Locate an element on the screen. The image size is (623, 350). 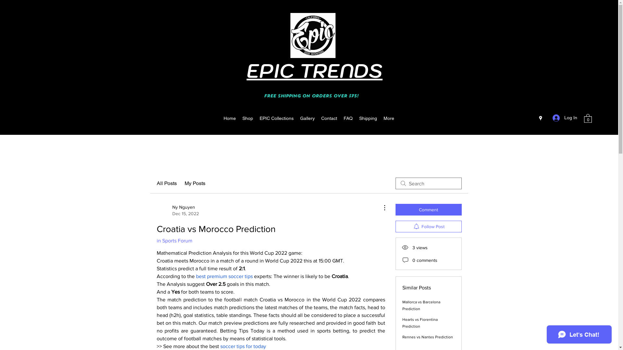
'Hearts vs Fiorentina Prediction' is located at coordinates (420, 323).